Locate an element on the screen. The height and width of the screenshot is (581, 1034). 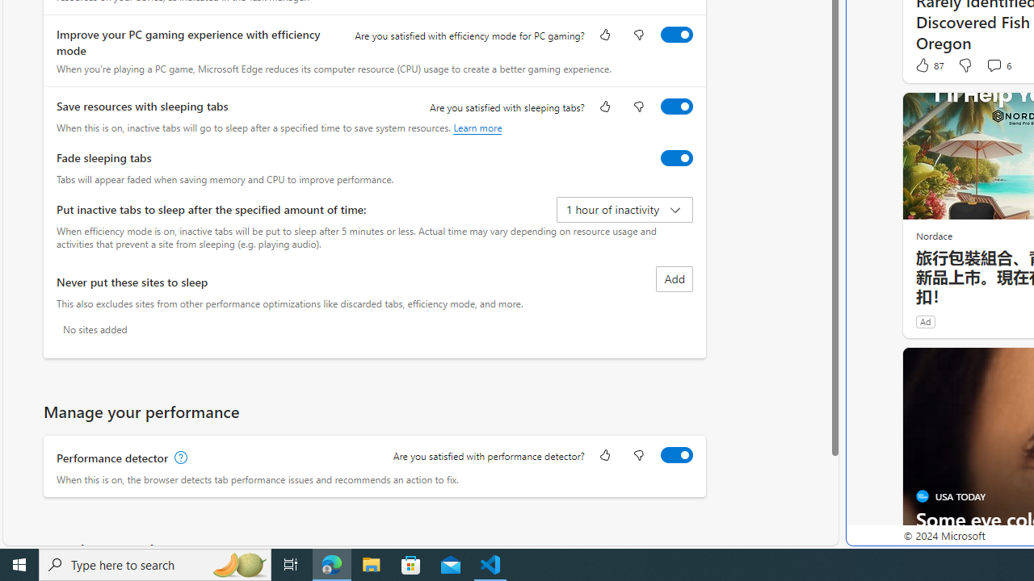
'Nordace' is located at coordinates (933, 235).